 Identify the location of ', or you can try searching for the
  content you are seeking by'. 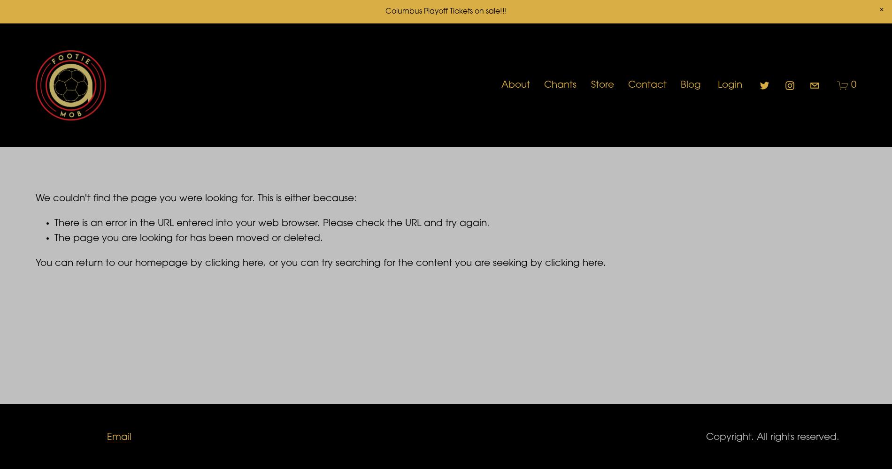
(404, 264).